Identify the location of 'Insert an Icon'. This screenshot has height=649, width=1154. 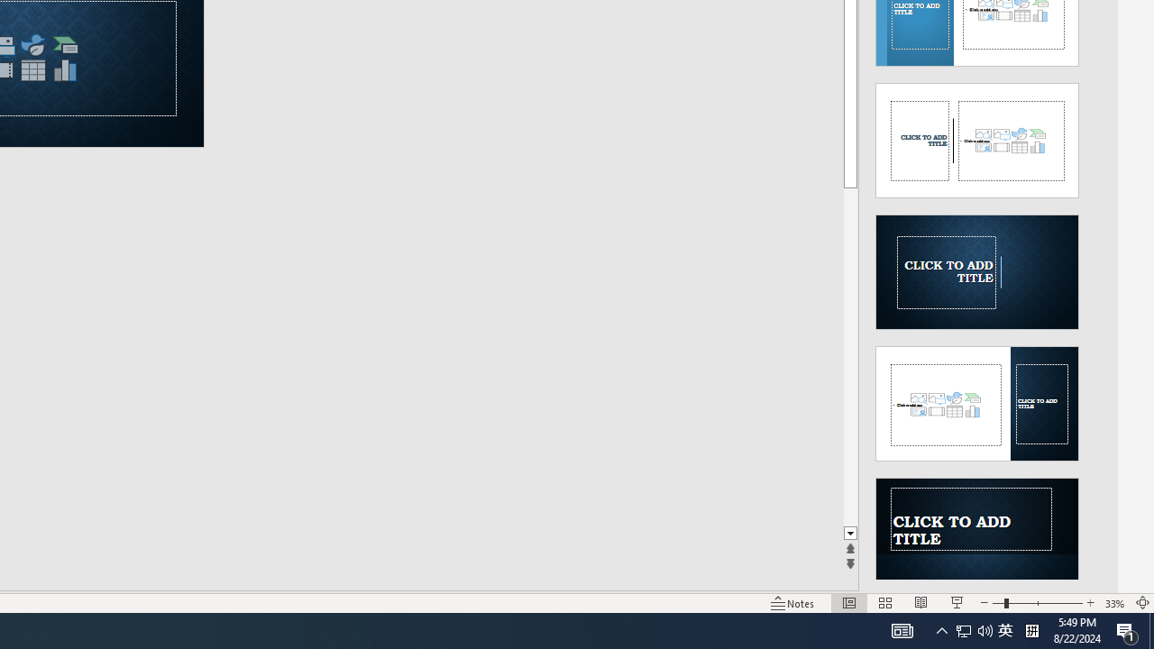
(32, 44).